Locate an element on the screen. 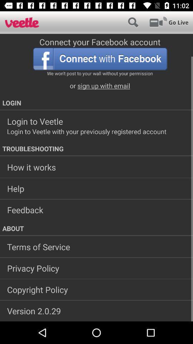 The image size is (193, 344). the version 2 0 item is located at coordinates (96, 310).